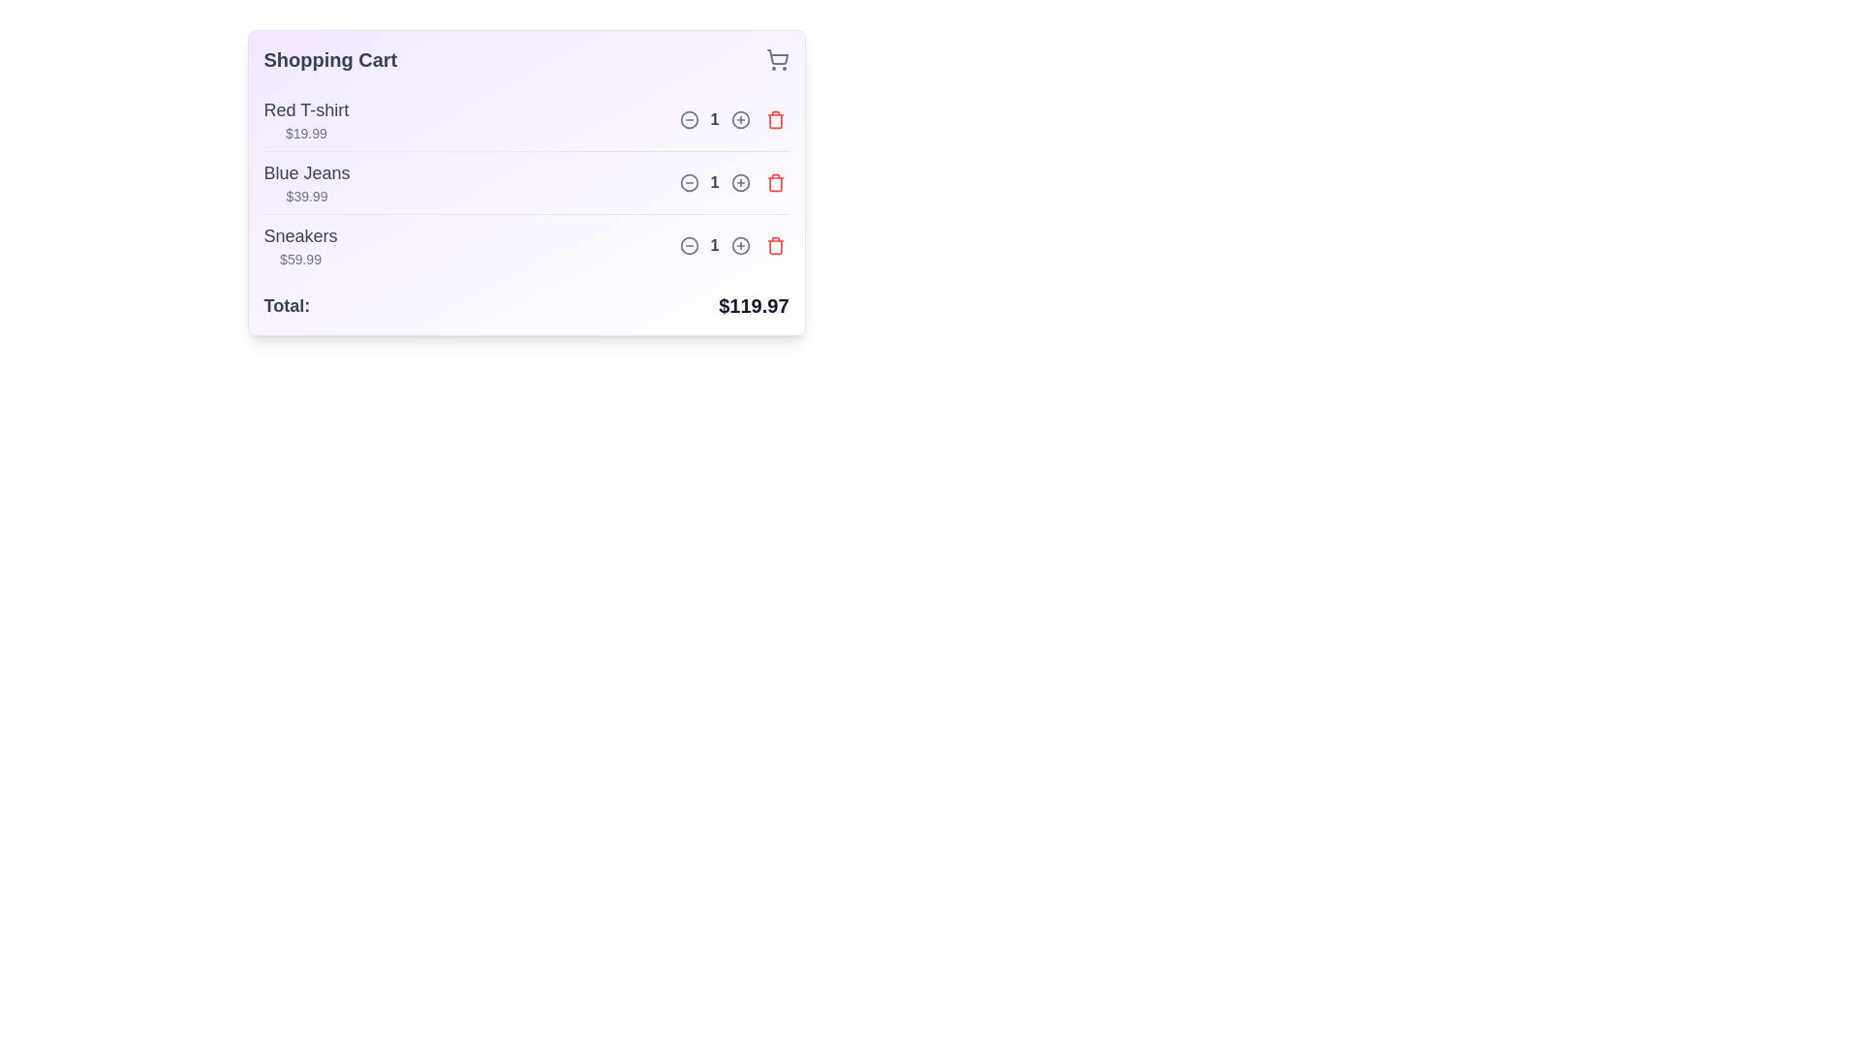 The width and height of the screenshot is (1860, 1046). I want to click on price text element located below the 'Red T-shirt' product name in the shopping cart interface, so click(305, 133).